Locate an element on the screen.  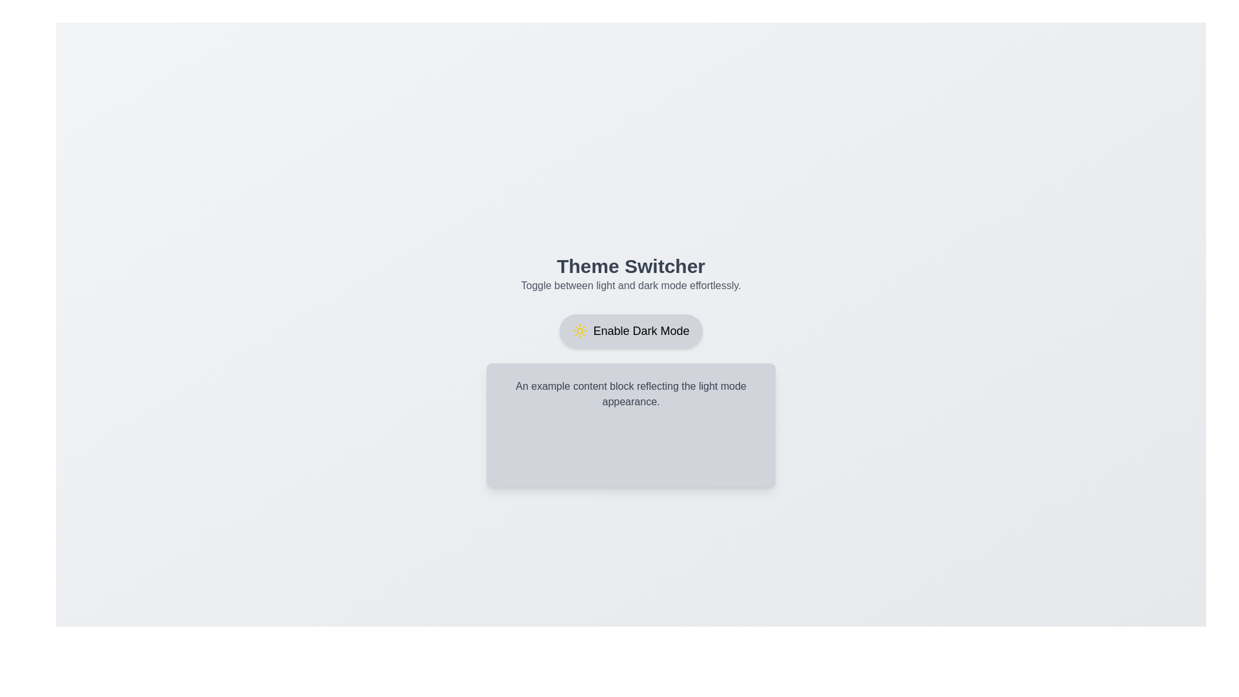
the theme switcher button that toggles between light and dark modes is located at coordinates (631, 330).